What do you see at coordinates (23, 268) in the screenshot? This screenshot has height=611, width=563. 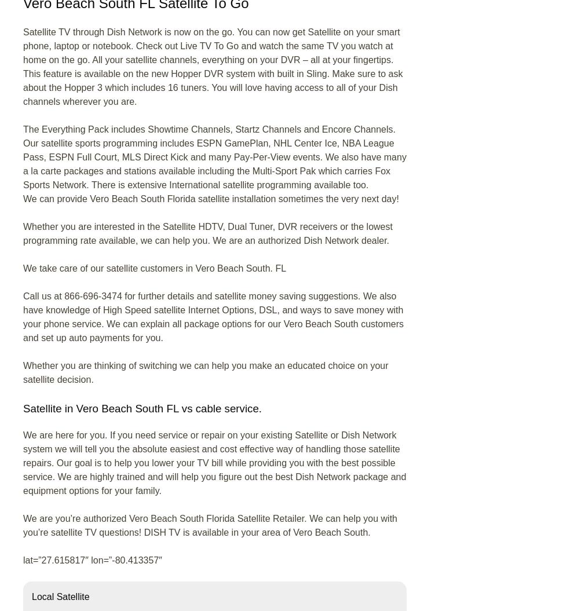 I see `'We take care of our satellite customers in Vero Beach South. FL'` at bounding box center [23, 268].